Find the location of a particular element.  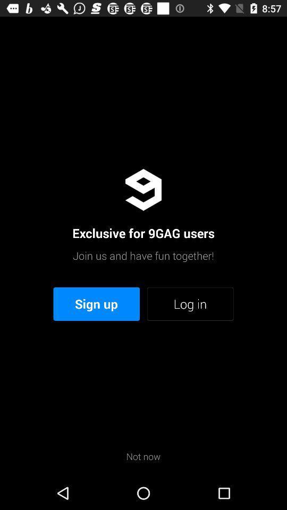

icon above not now icon is located at coordinates (190, 304).